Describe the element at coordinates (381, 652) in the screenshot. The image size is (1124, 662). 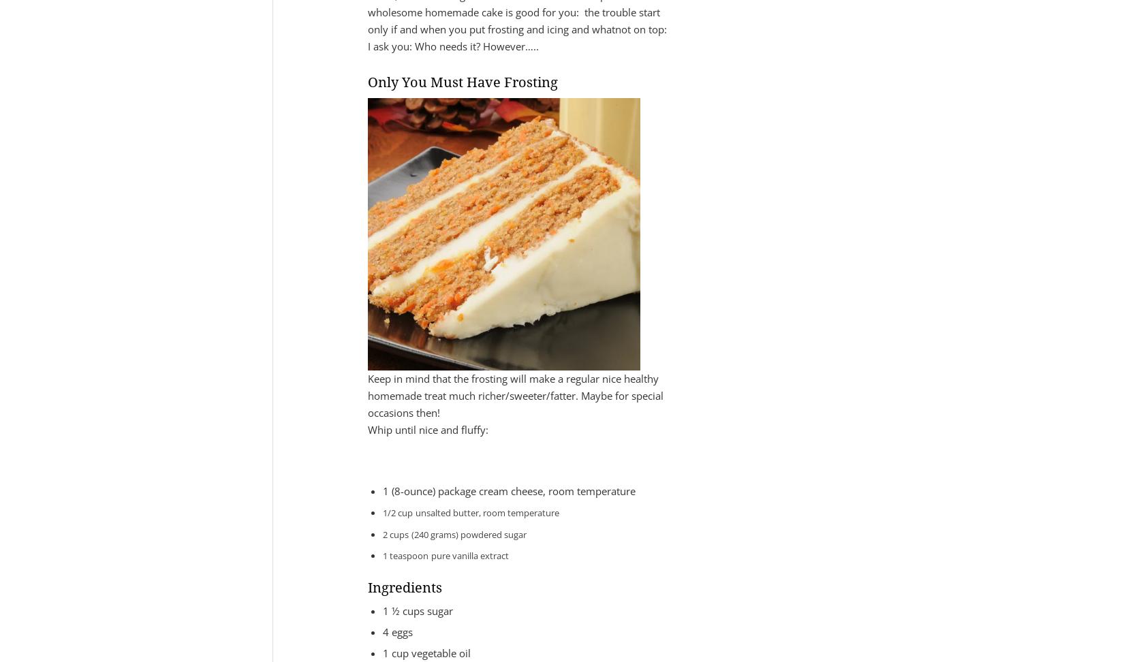
I see `'1 cup vegetable oil'` at that location.